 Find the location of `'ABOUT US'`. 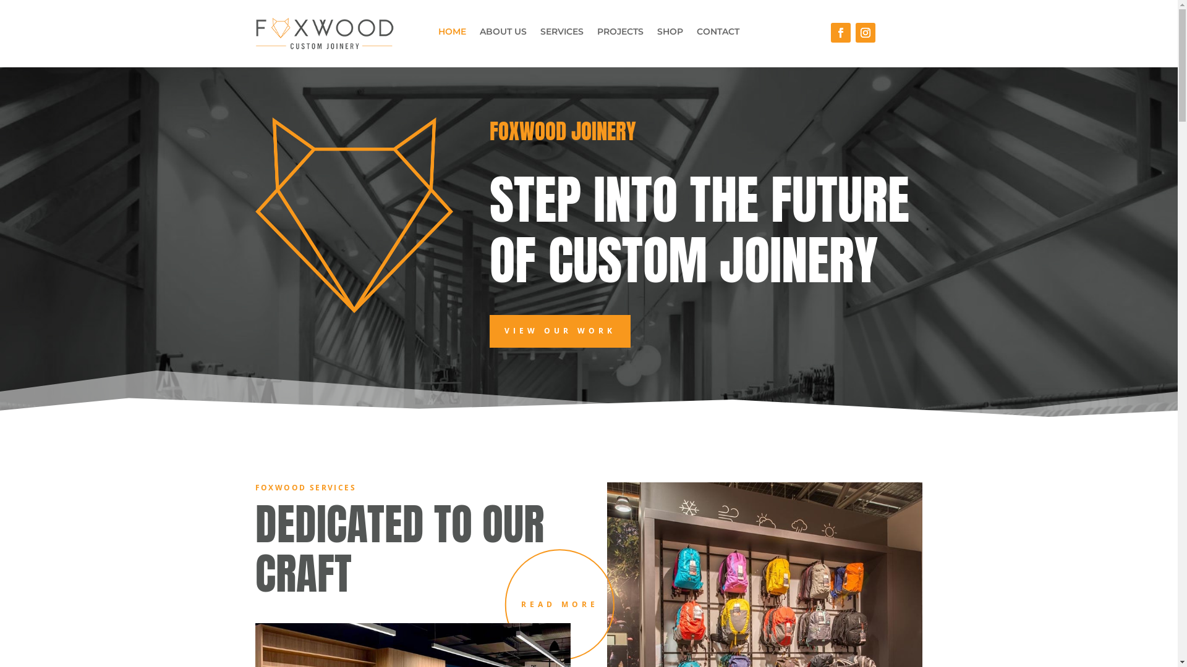

'ABOUT US' is located at coordinates (503, 33).